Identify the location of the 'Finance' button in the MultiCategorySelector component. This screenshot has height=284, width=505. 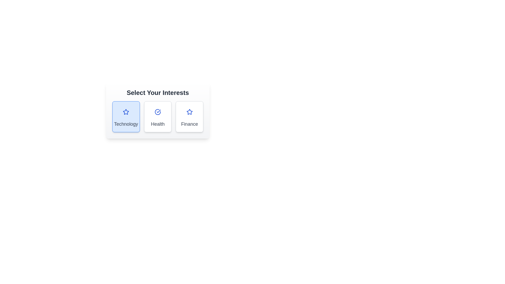
(189, 116).